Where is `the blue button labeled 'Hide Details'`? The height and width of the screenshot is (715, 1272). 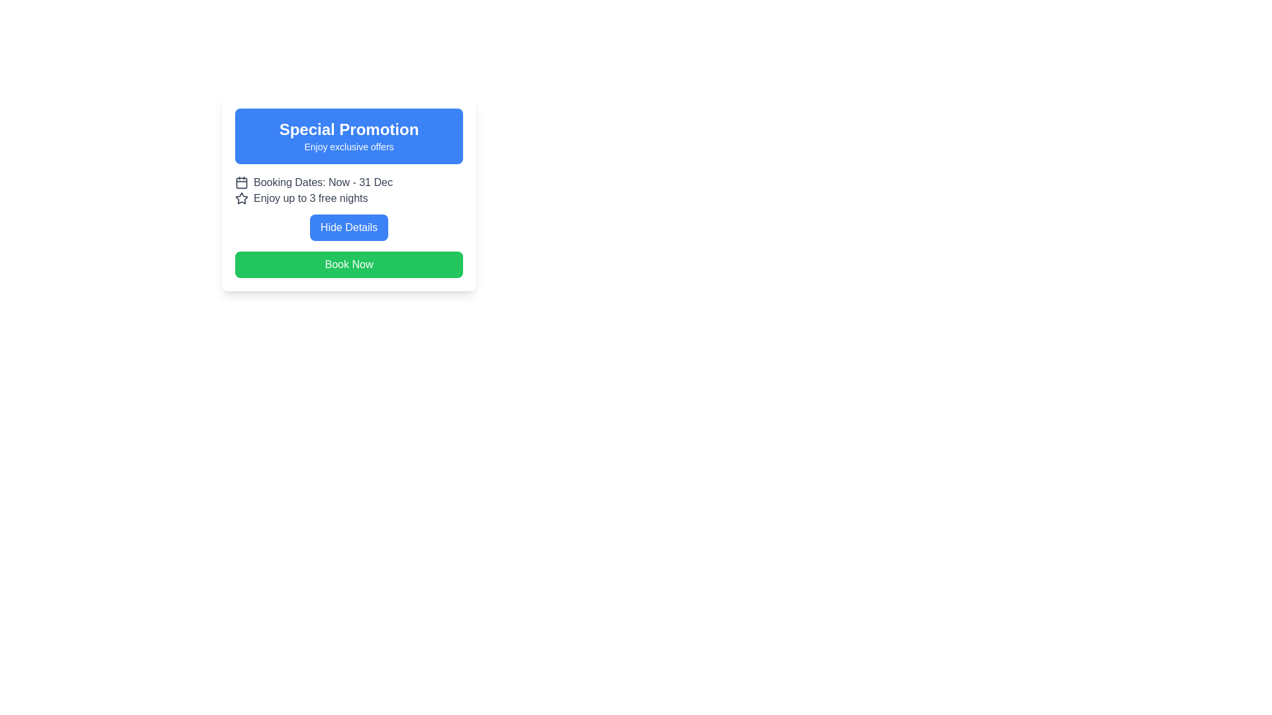
the blue button labeled 'Hide Details' is located at coordinates (349, 226).